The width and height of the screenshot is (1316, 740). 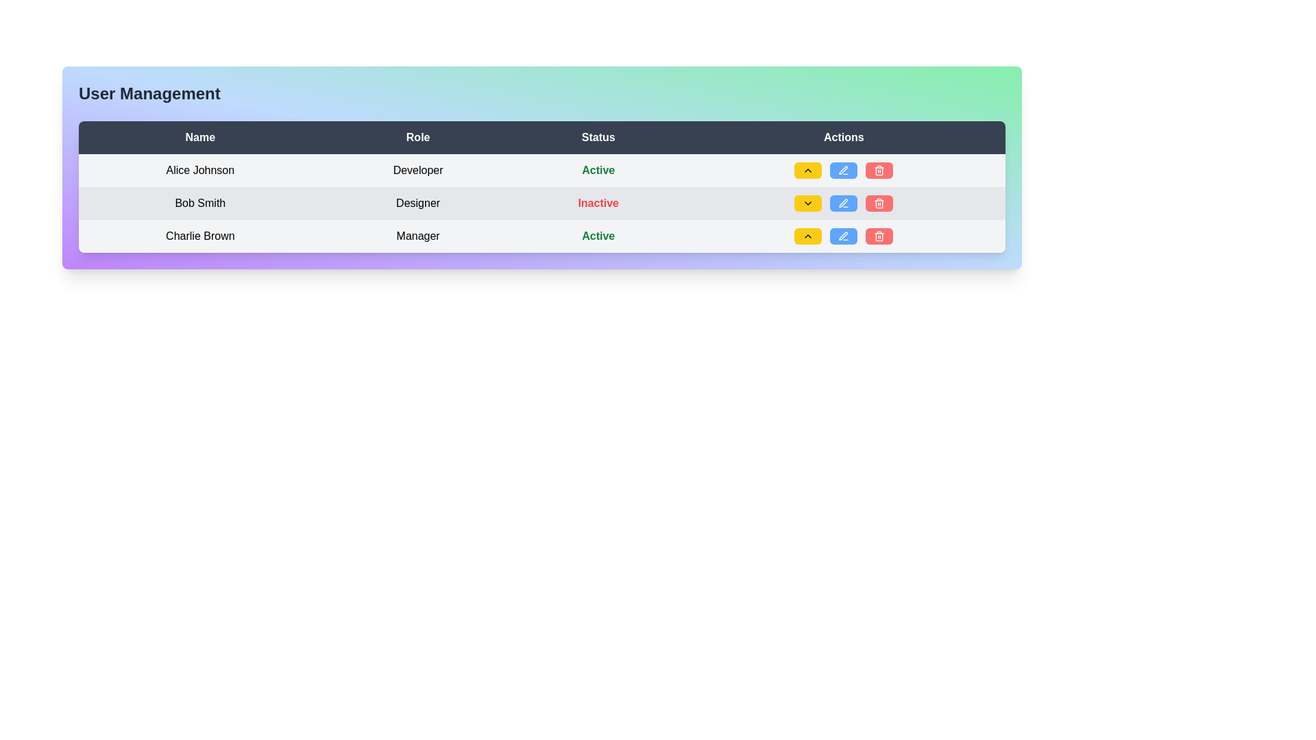 I want to click on to select the third row in the user management table, which represents an individual user entry and provides action buttons for managing this user, so click(x=541, y=235).